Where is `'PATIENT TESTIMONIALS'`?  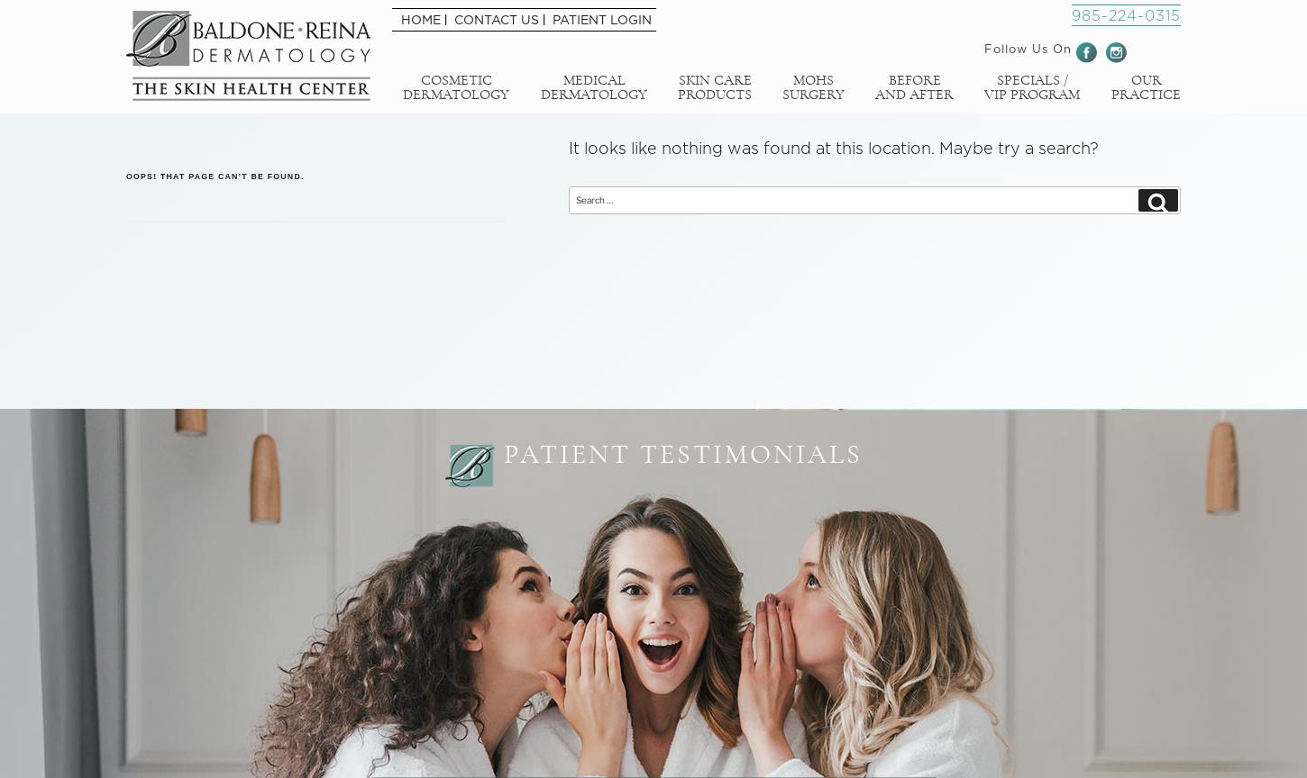
'PATIENT TESTIMONIALS' is located at coordinates (682, 455).